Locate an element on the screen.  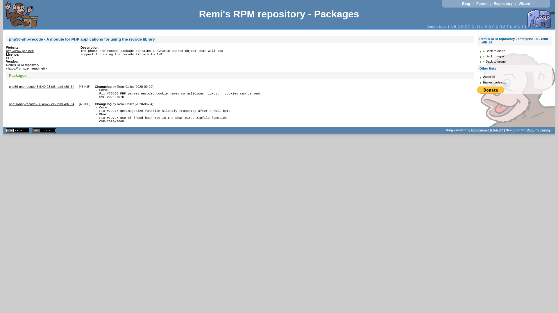
'Q' is located at coordinates (495, 27).